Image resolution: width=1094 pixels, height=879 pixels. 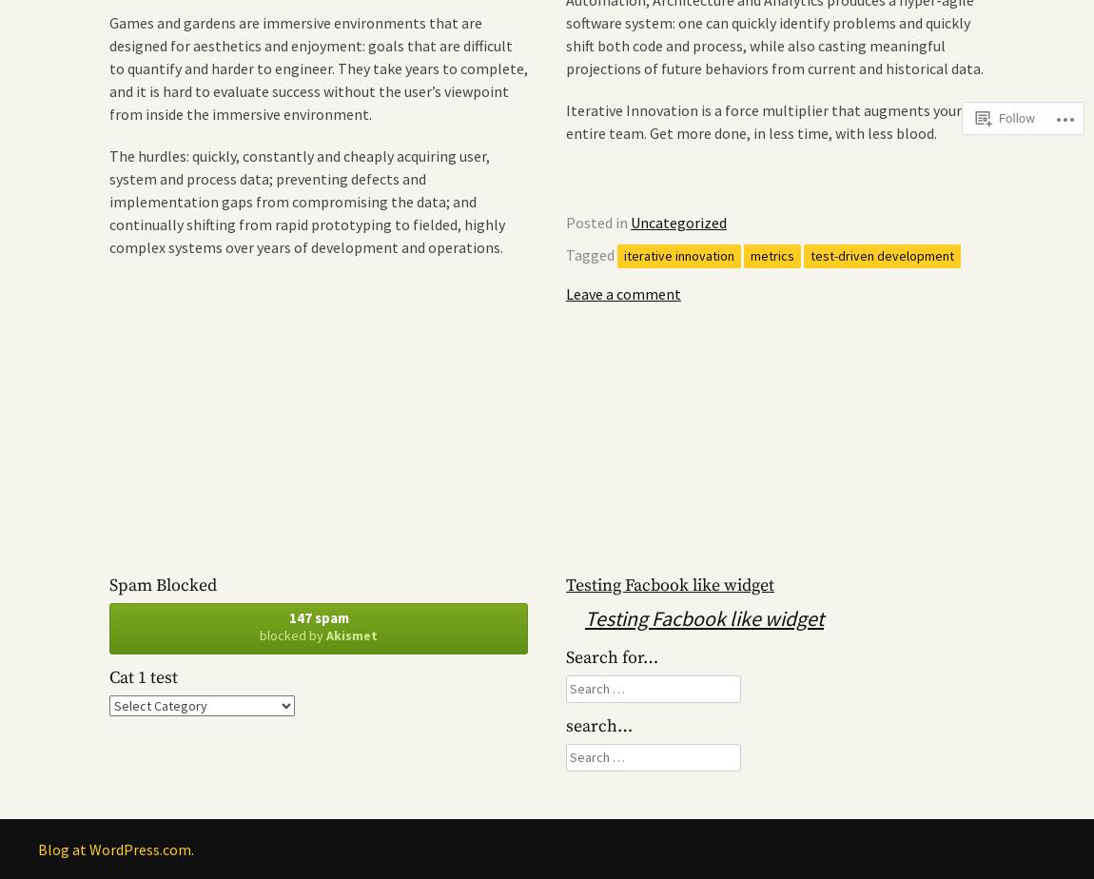 What do you see at coordinates (318, 67) in the screenshot?
I see `'Games and gardens are immersive environments that are designed for aesthetics and enjoyment: goals that are difficult to quantify and harder to engineer. They take years to complete, and it is hard to evaluate success without the user’s viewpoint from inside the immersive environment.'` at bounding box center [318, 67].